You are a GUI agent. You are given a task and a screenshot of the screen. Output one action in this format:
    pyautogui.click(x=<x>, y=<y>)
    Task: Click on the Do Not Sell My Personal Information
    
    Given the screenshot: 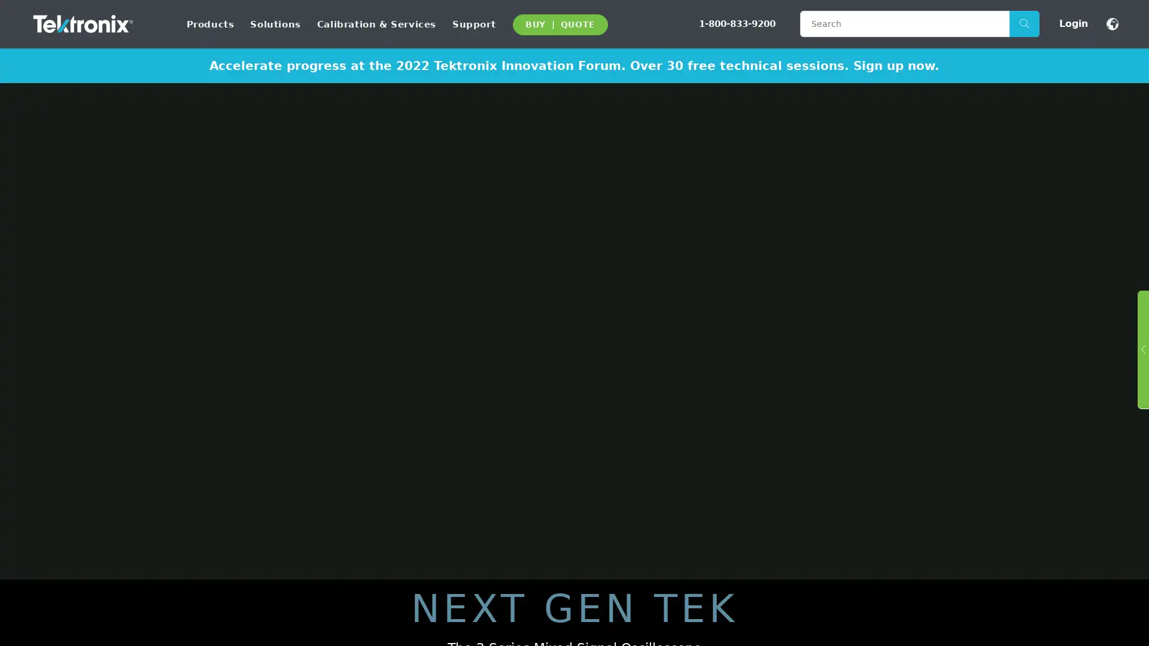 What is the action you would take?
    pyautogui.click(x=833, y=620)
    